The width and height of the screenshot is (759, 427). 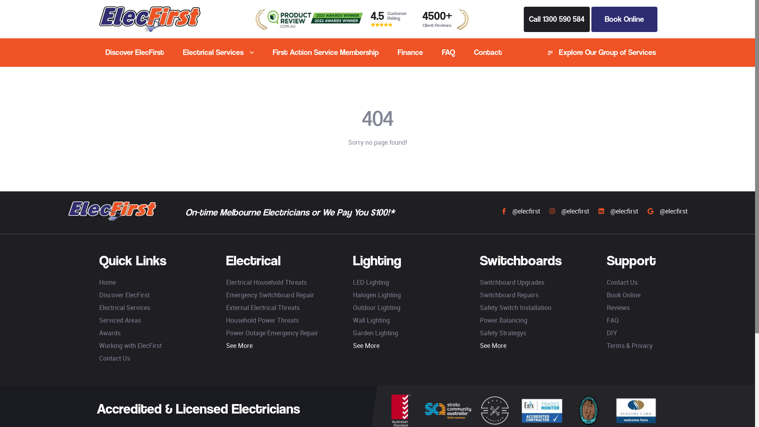 What do you see at coordinates (370, 282) in the screenshot?
I see `'LED Lighting'` at bounding box center [370, 282].